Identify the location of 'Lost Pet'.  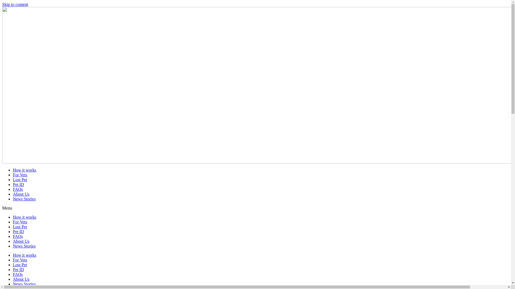
(20, 180).